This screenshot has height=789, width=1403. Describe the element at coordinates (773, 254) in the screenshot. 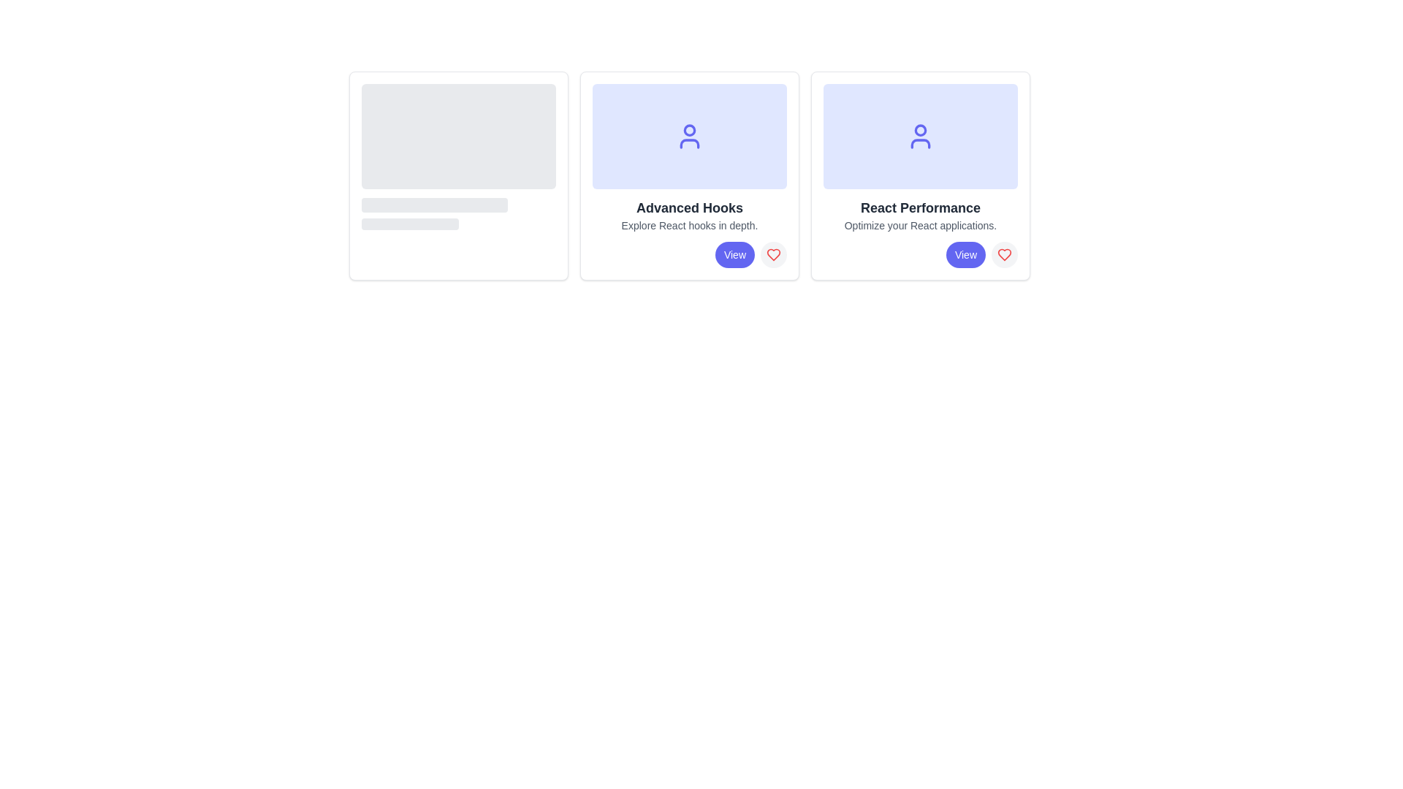

I see `the circular 'like' button with a heart icon located at the bottom-right corner of the 'Advanced Hooks' card` at that location.